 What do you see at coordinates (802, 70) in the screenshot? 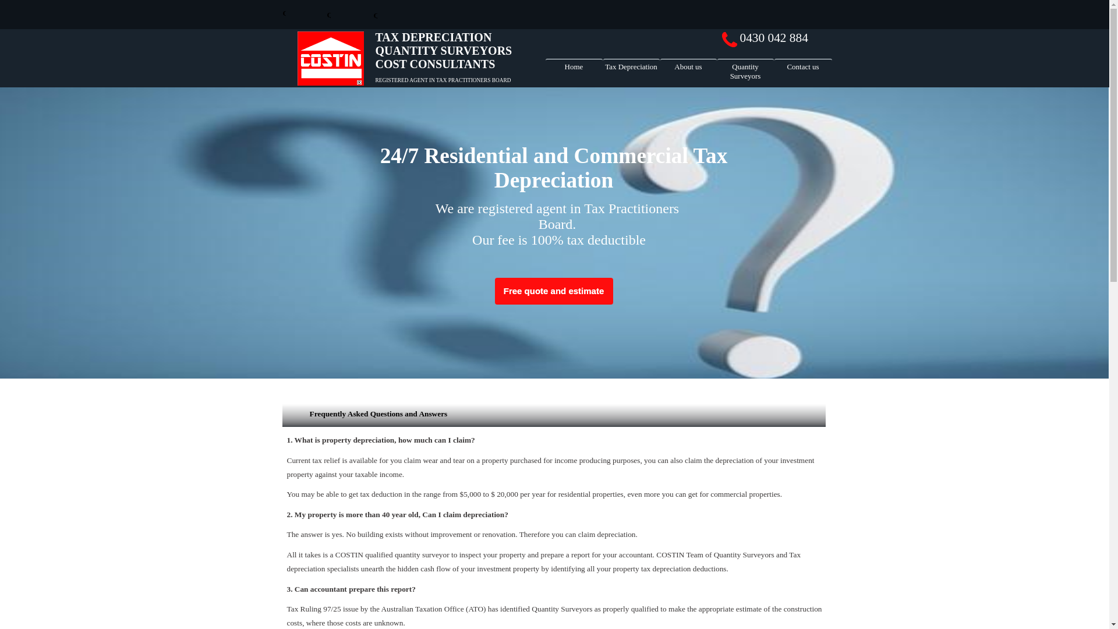
I see `'Contact us'` at bounding box center [802, 70].